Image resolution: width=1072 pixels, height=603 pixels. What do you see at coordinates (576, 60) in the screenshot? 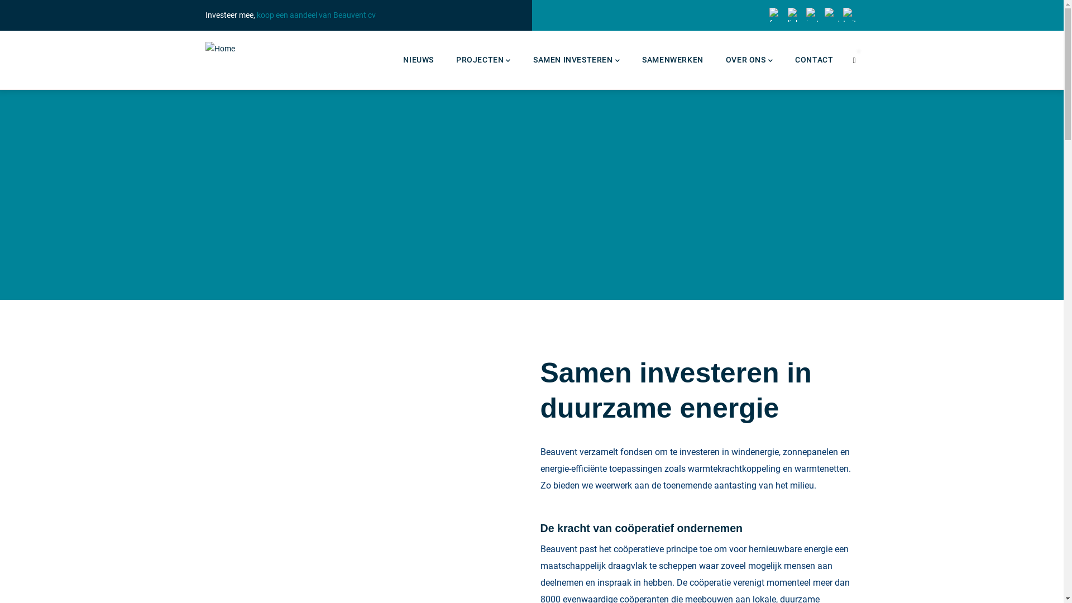
I see `'SAMEN INVESTEREN'` at bounding box center [576, 60].